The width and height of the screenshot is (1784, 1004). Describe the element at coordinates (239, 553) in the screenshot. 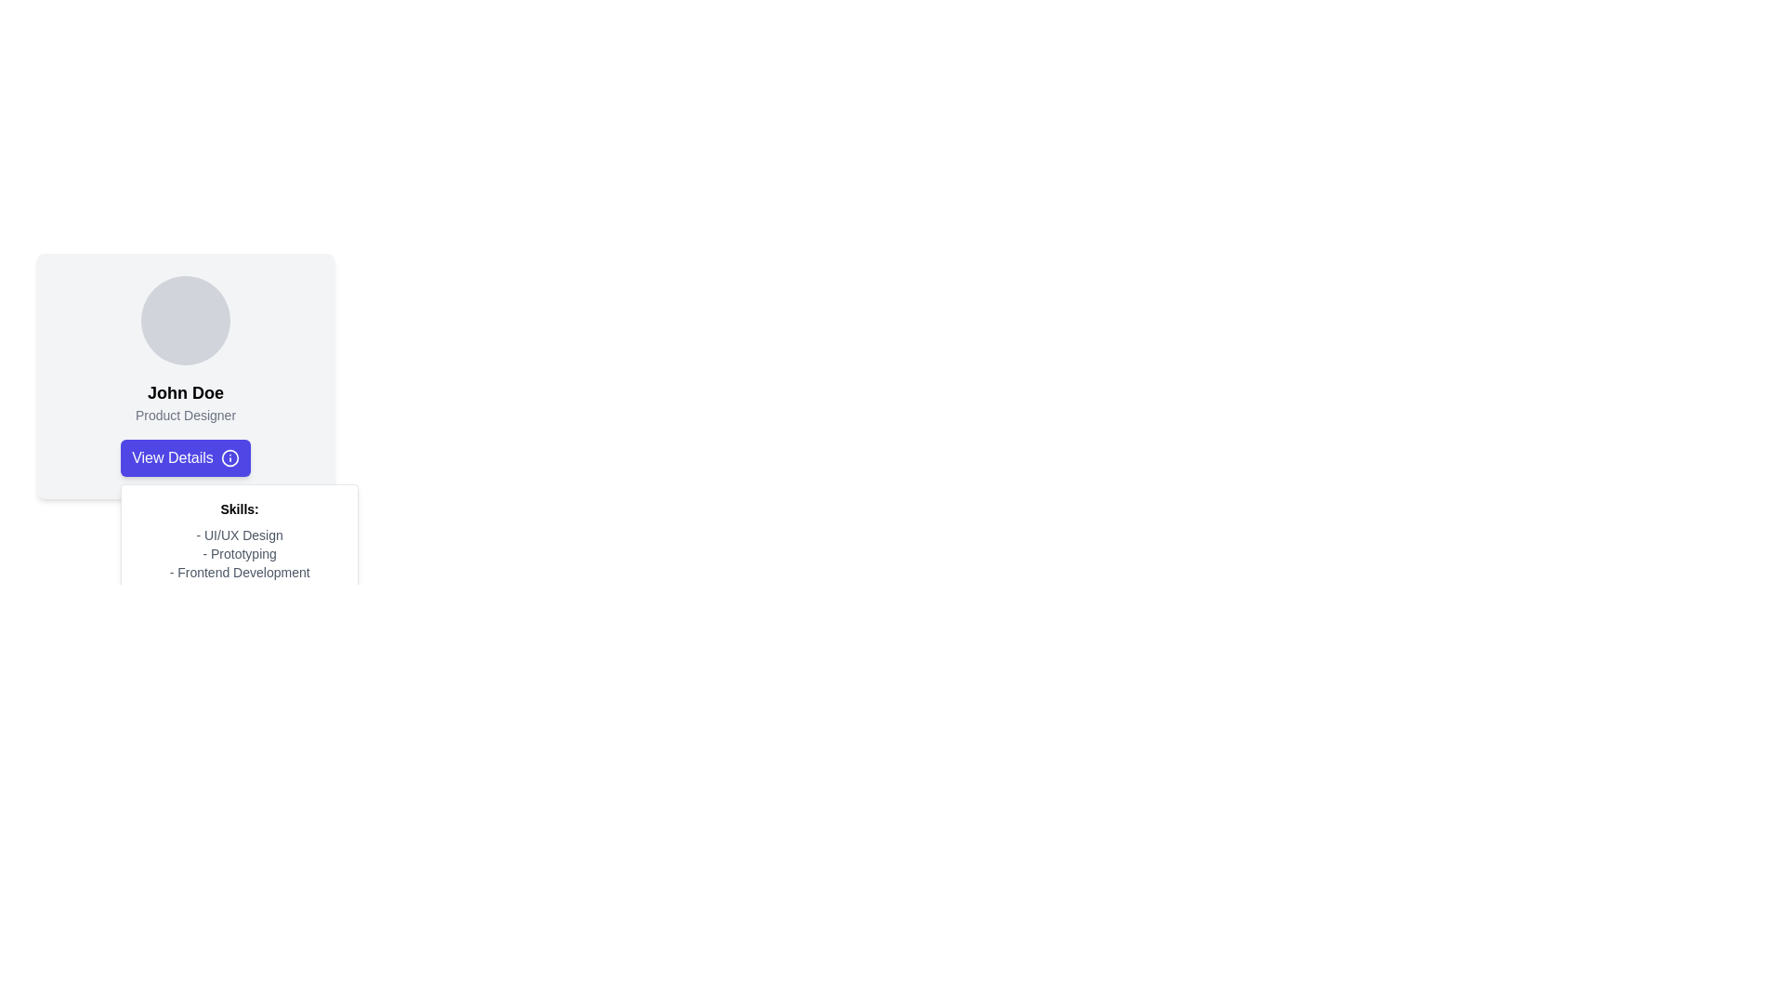

I see `the informational text label representing the skill 'Prototyping', which is the second item in a vertically stacked list of skills` at that location.